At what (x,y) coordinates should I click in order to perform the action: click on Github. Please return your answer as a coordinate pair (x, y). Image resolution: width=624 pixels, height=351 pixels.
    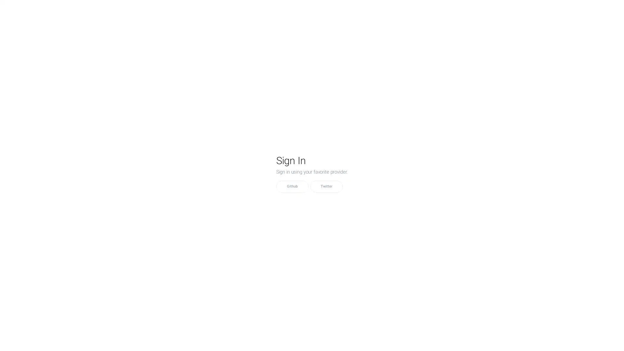
    Looking at the image, I should click on (292, 187).